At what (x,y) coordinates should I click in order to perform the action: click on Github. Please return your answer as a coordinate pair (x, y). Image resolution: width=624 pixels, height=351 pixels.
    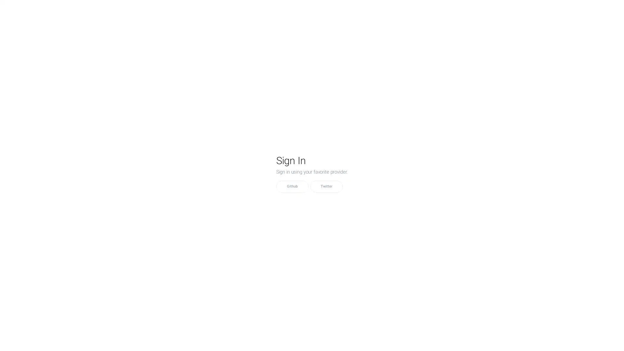
    Looking at the image, I should click on (292, 187).